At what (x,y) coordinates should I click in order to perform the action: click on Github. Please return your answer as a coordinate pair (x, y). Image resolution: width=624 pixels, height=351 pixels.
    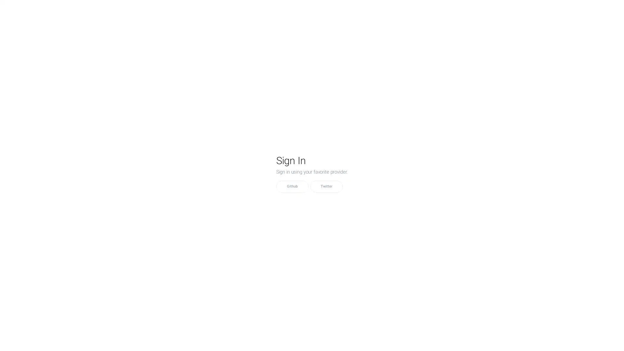
    Looking at the image, I should click on (292, 187).